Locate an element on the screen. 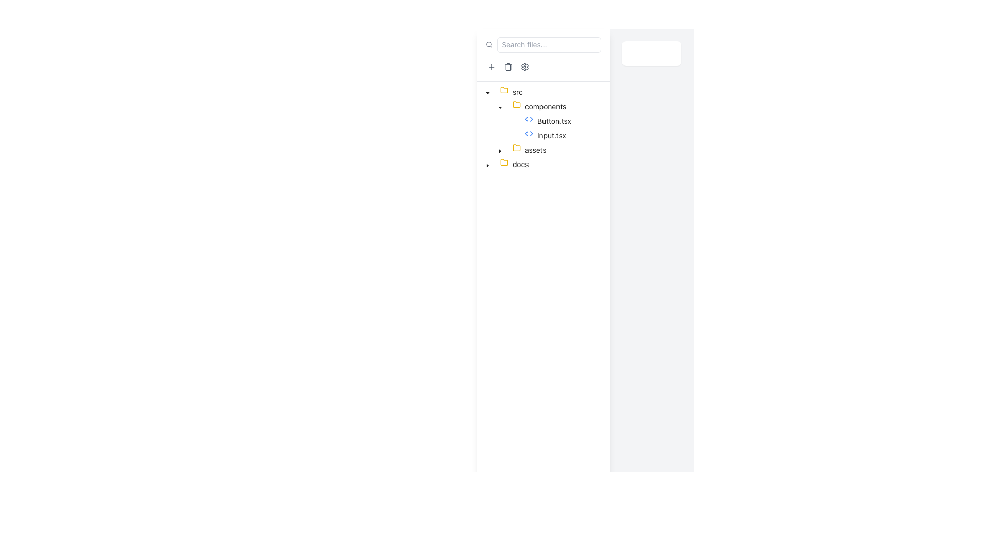  the non-expanded folder node named 'docs' is located at coordinates (514, 164).